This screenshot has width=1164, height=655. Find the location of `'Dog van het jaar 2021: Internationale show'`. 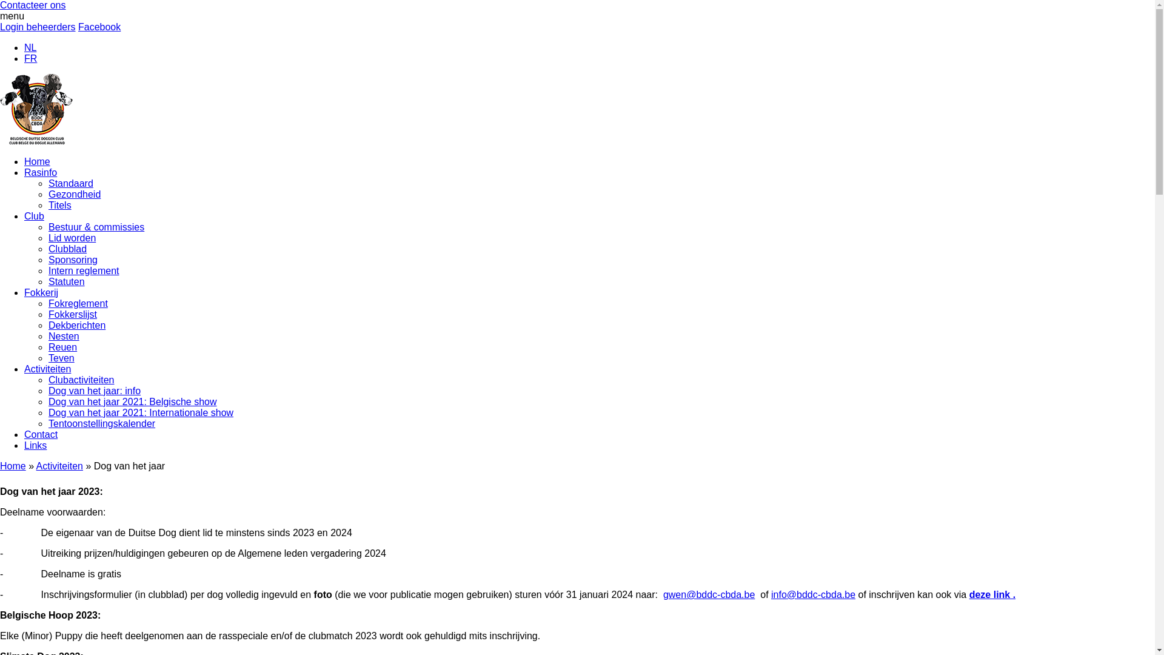

'Dog van het jaar 2021: Internationale show' is located at coordinates (141, 412).